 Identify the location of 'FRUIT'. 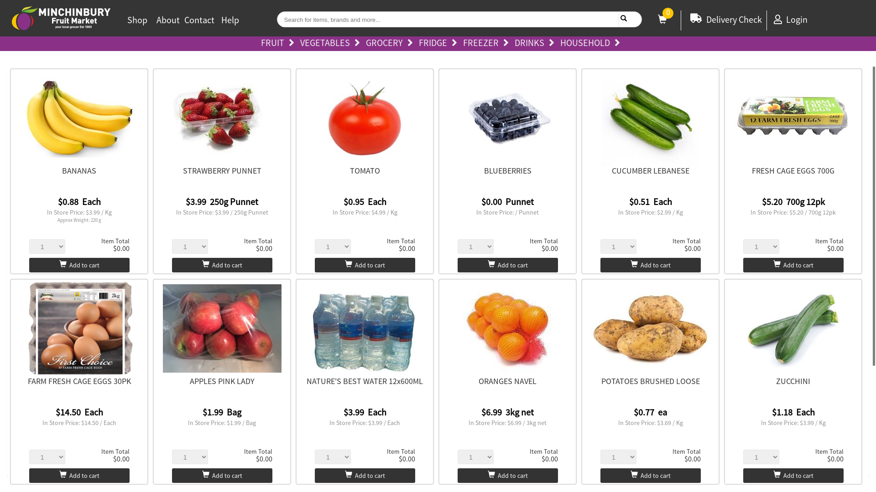
(279, 43).